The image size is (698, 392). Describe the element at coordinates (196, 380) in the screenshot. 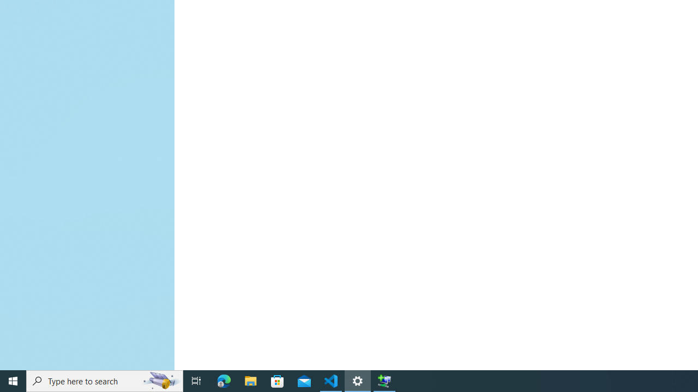

I see `'Task View'` at that location.